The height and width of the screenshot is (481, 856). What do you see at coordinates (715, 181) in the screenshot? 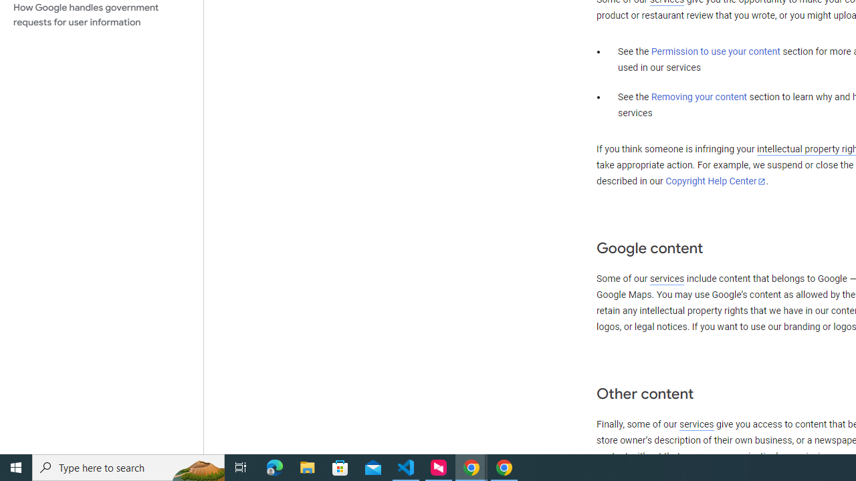
I see `'Copyright Help Center'` at bounding box center [715, 181].